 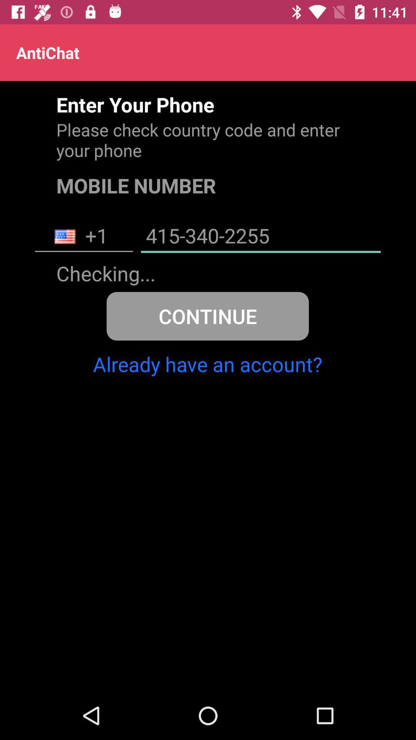 I want to click on the item below mobile number, so click(x=84, y=236).